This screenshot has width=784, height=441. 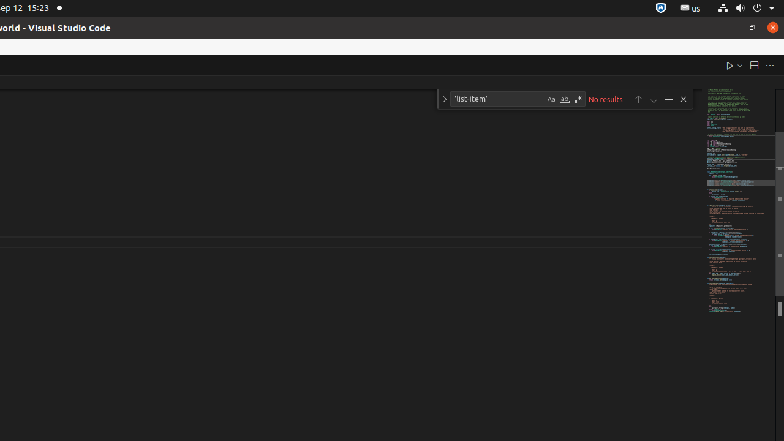 I want to click on 'Next Match (Enter)', so click(x=653, y=98).